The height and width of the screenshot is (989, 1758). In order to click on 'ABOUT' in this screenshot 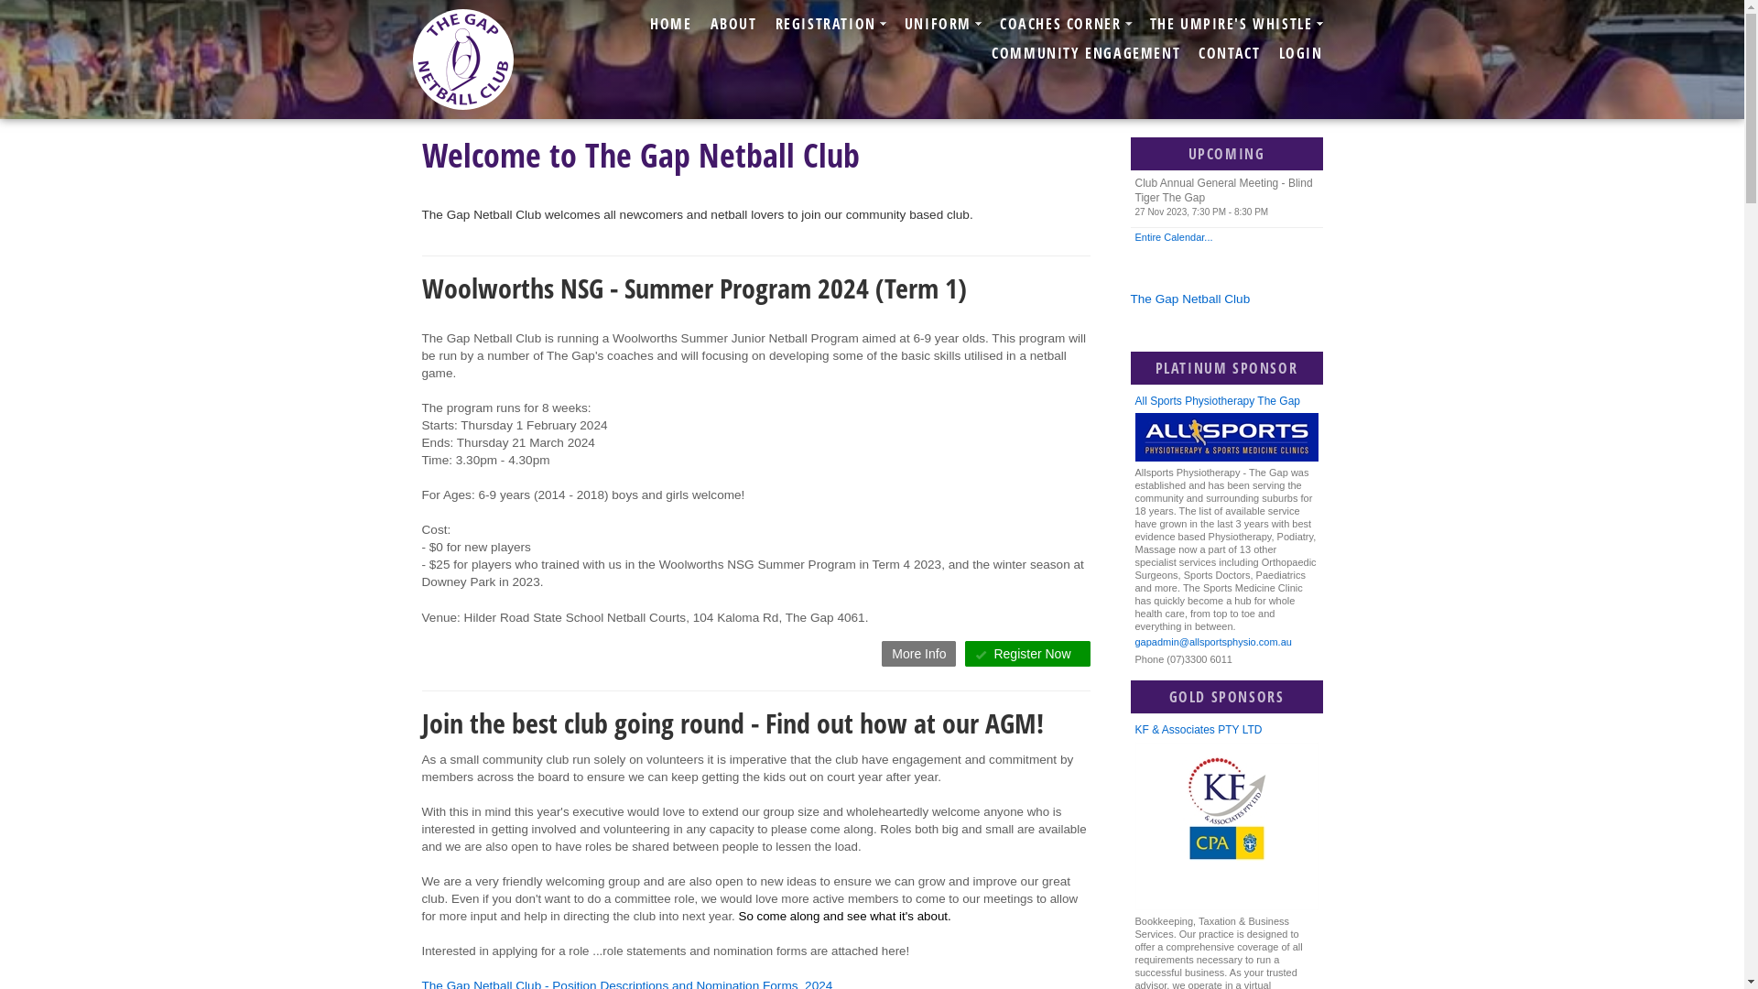, I will do `click(700, 24)`.